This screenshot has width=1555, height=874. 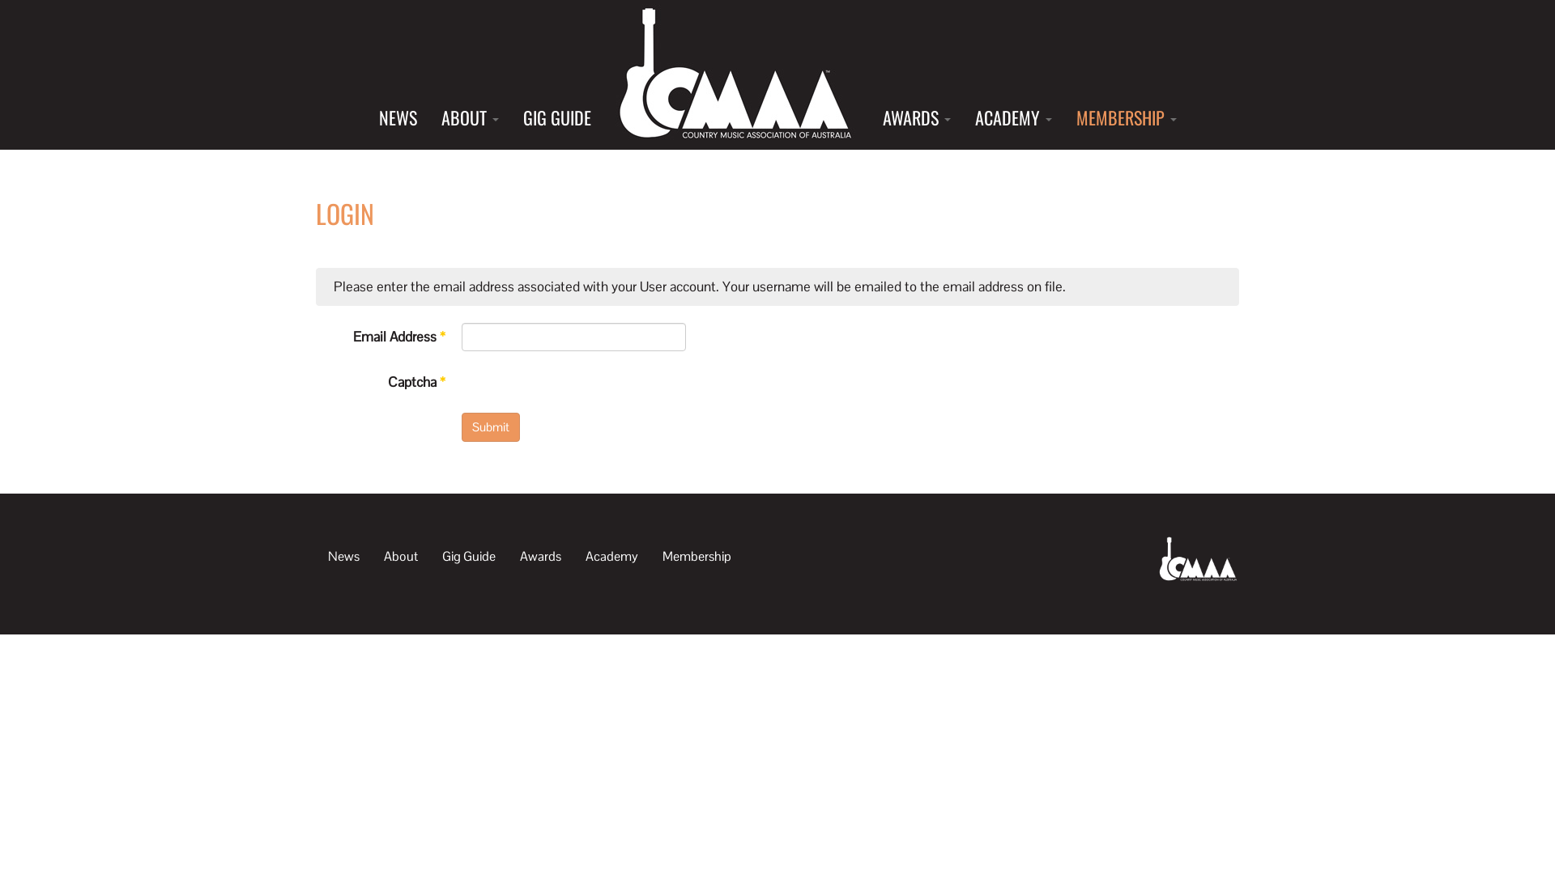 I want to click on 'AWARDS', so click(x=916, y=117).